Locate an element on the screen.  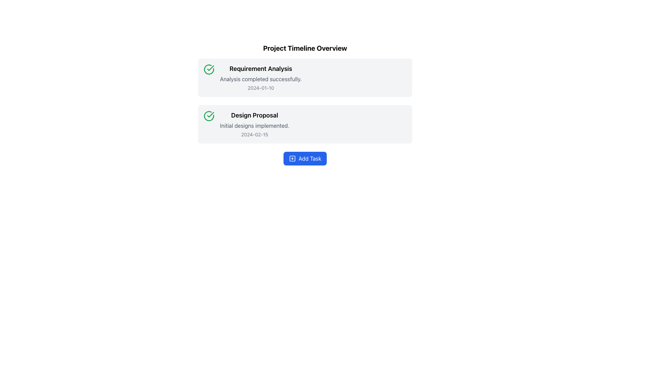
information displayed in the Text Block that summarizes the project phase title, its completion status, and the completion date is located at coordinates (260, 77).